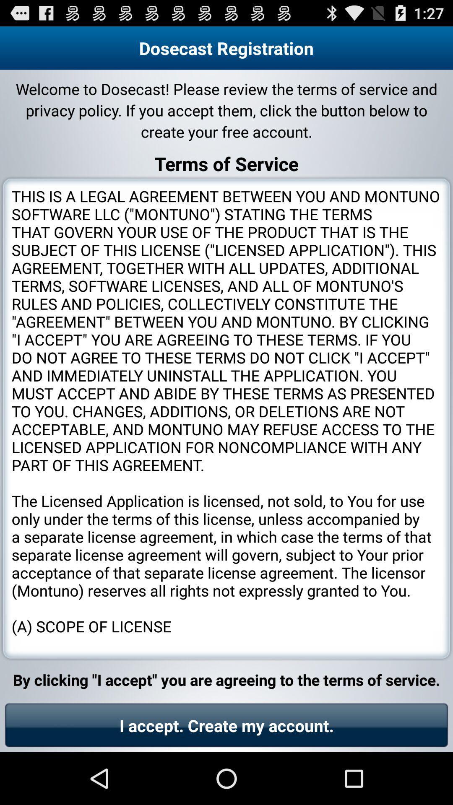 The height and width of the screenshot is (805, 453). What do you see at coordinates (226, 418) in the screenshot?
I see `icon below terms of service app` at bounding box center [226, 418].